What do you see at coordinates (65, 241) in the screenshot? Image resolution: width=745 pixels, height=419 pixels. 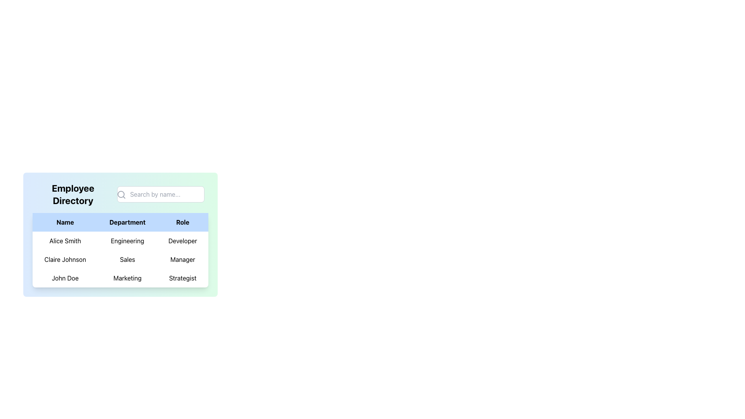 I see `the text label displaying 'Alice Smith' in the 'Name' column for accessibility purposes` at bounding box center [65, 241].